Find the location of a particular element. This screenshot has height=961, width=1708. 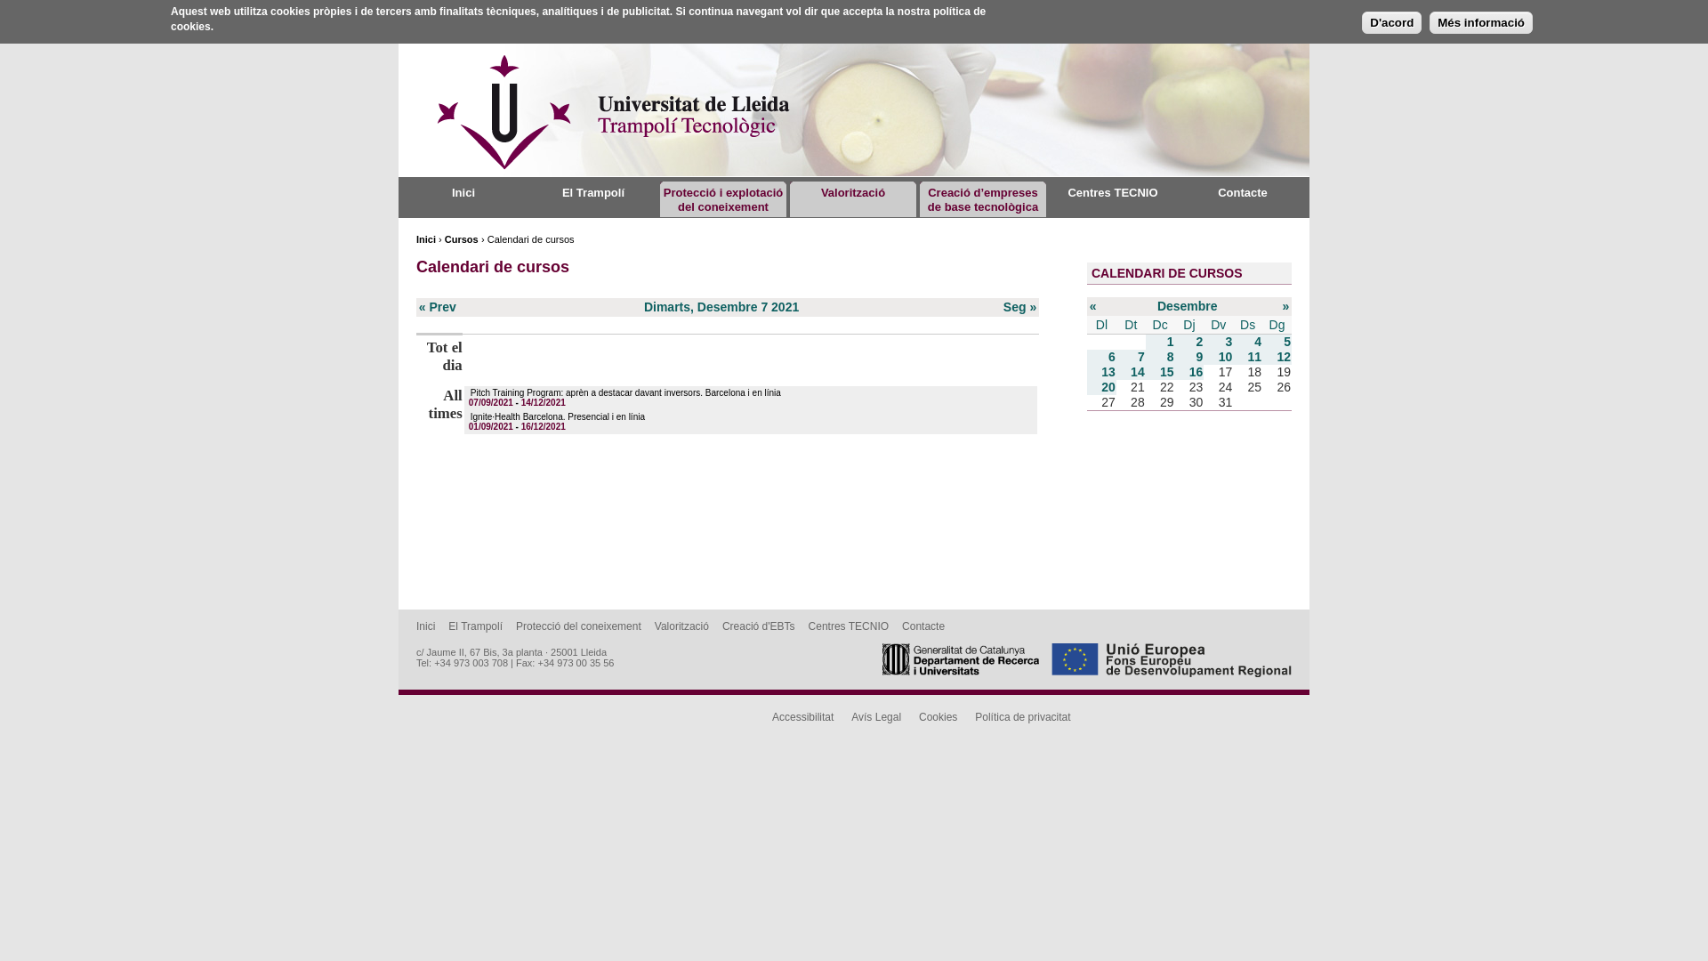

'3' is located at coordinates (1224, 342).